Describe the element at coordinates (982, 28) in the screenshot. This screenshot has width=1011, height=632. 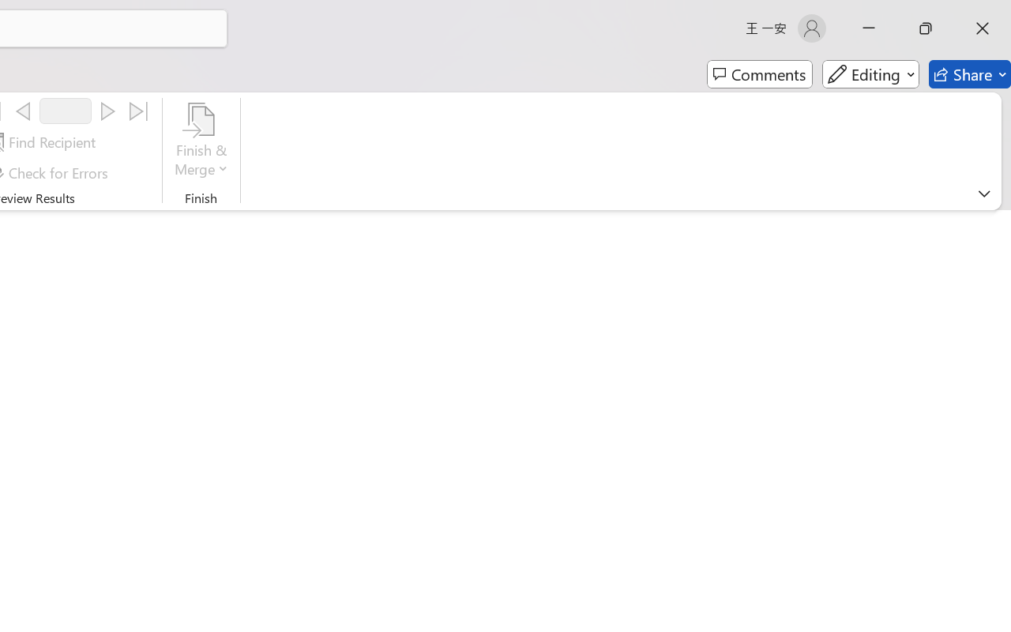
I see `'Close'` at that location.